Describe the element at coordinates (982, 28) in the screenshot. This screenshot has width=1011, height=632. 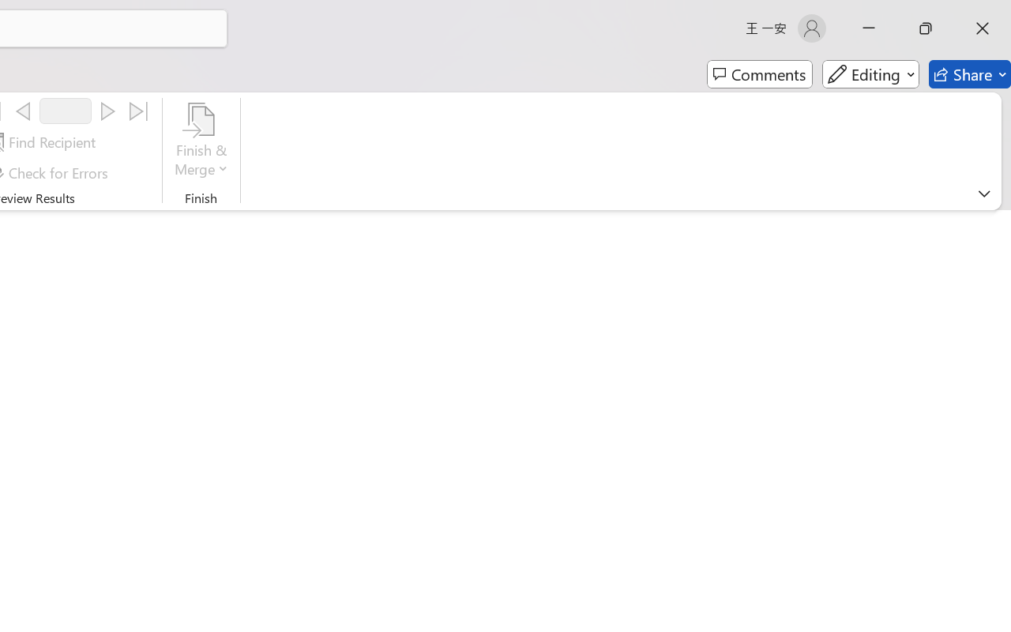
I see `'Close'` at that location.